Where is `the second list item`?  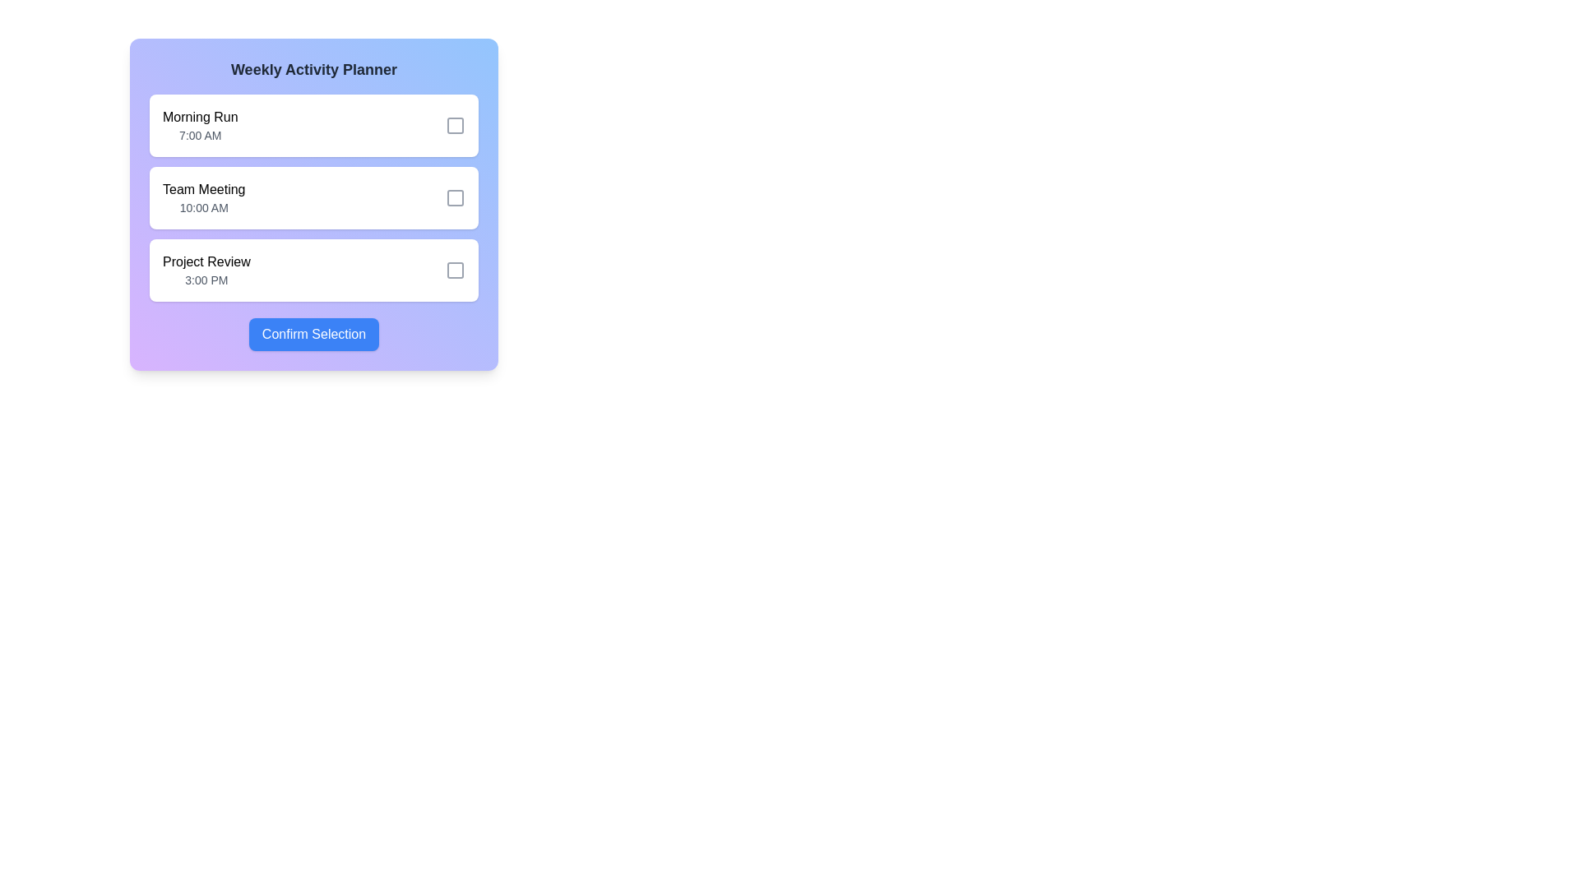
the second list item is located at coordinates (314, 197).